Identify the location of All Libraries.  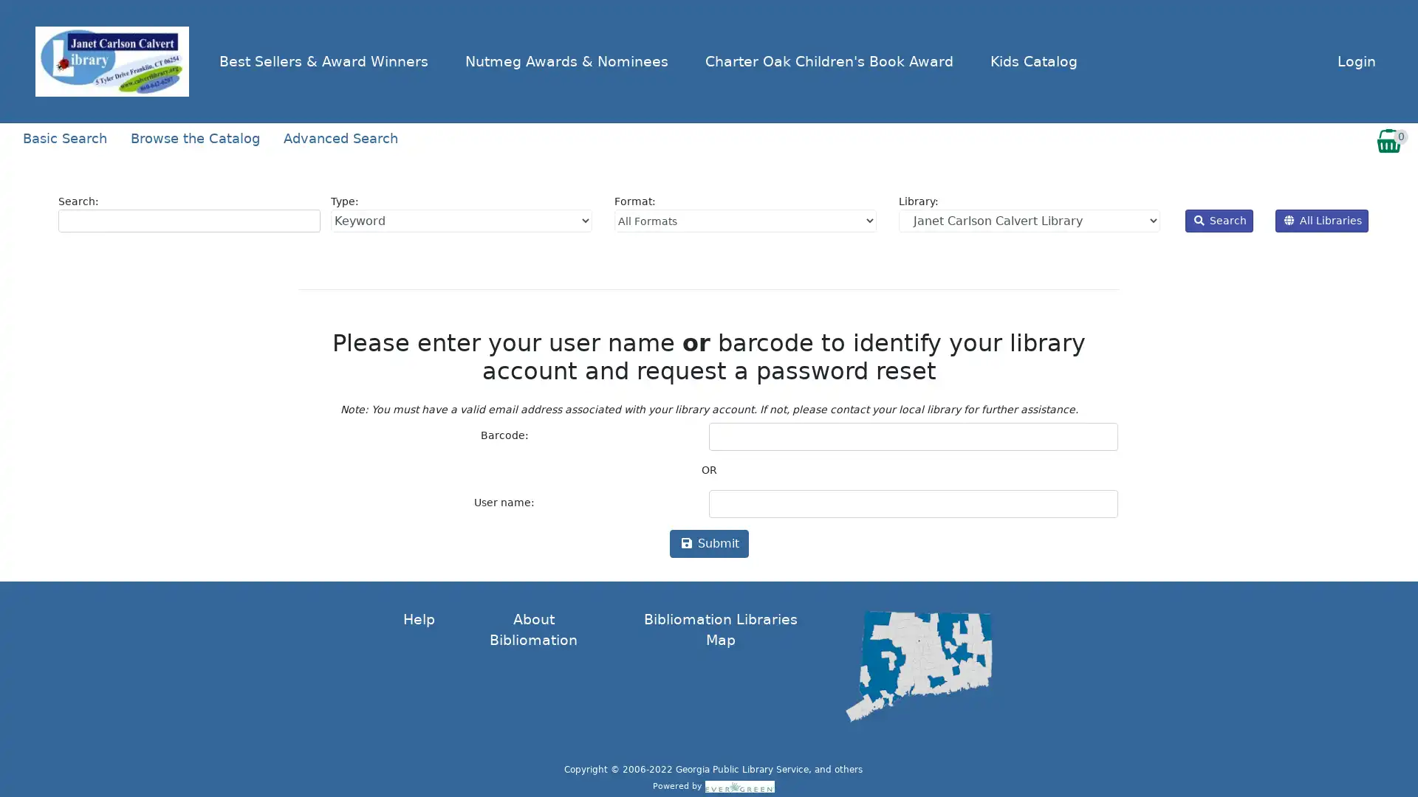
(1322, 220).